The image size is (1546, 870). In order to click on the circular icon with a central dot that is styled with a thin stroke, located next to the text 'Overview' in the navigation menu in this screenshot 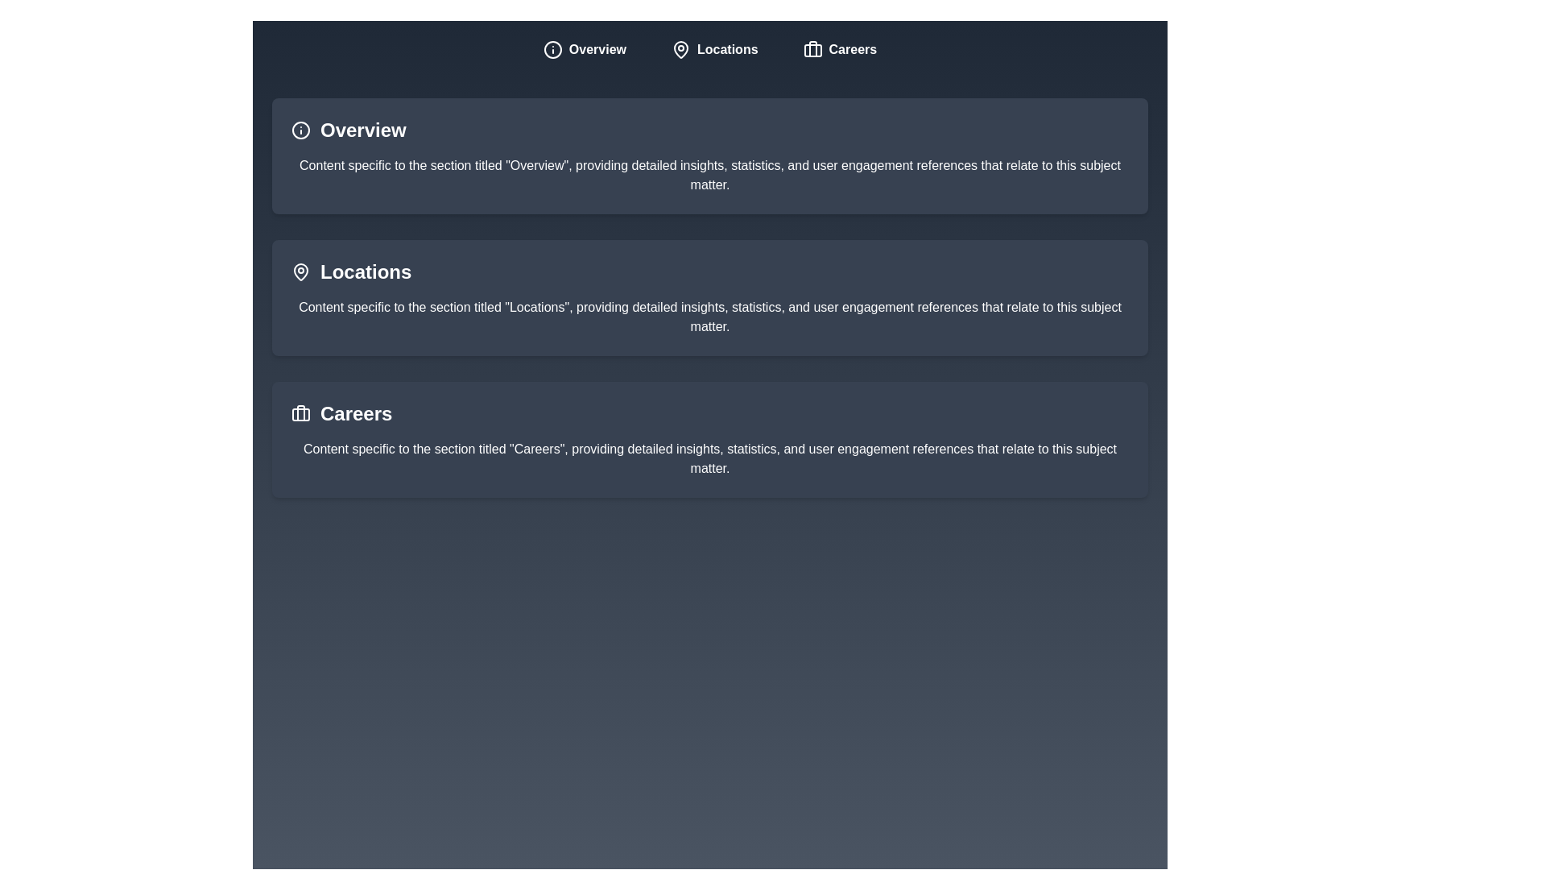, I will do `click(552, 48)`.